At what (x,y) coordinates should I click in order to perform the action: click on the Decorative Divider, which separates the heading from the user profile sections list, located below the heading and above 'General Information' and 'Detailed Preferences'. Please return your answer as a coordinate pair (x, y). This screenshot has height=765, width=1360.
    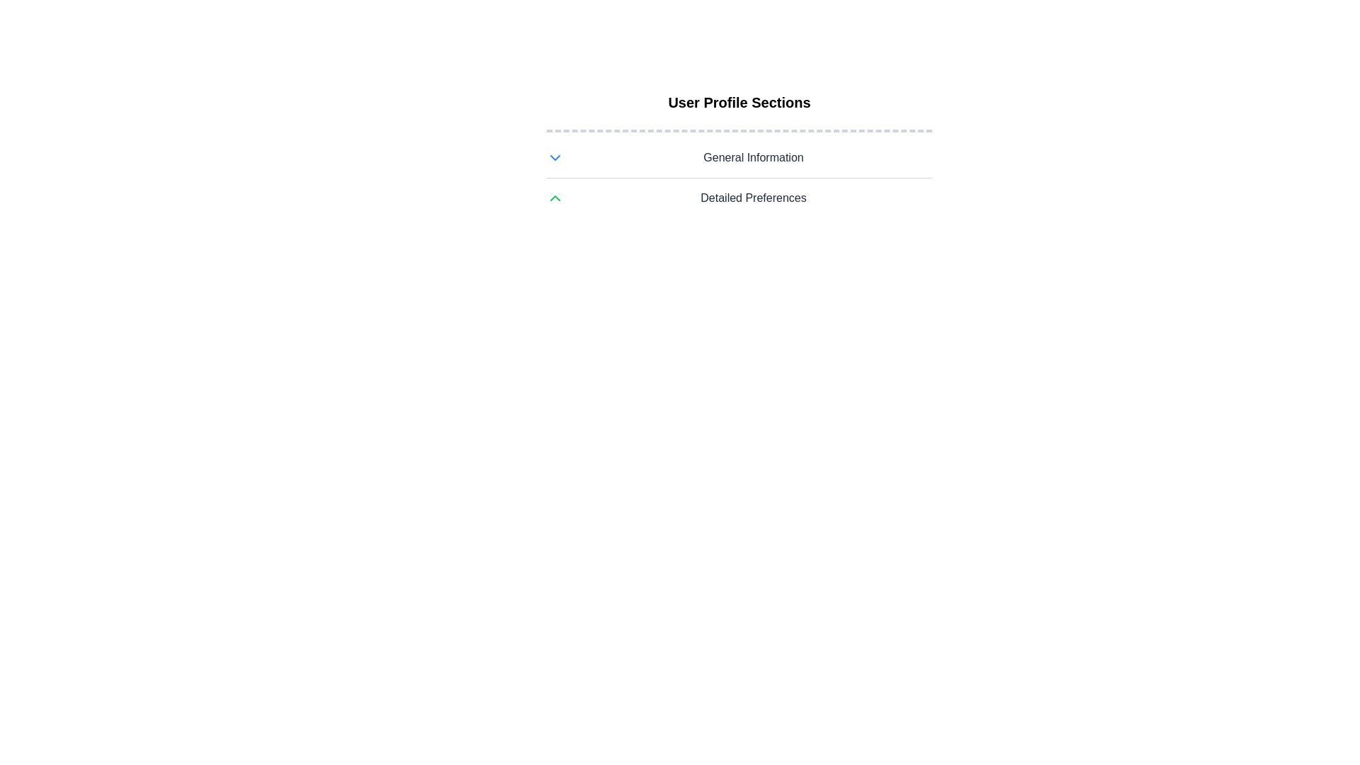
    Looking at the image, I should click on (738, 131).